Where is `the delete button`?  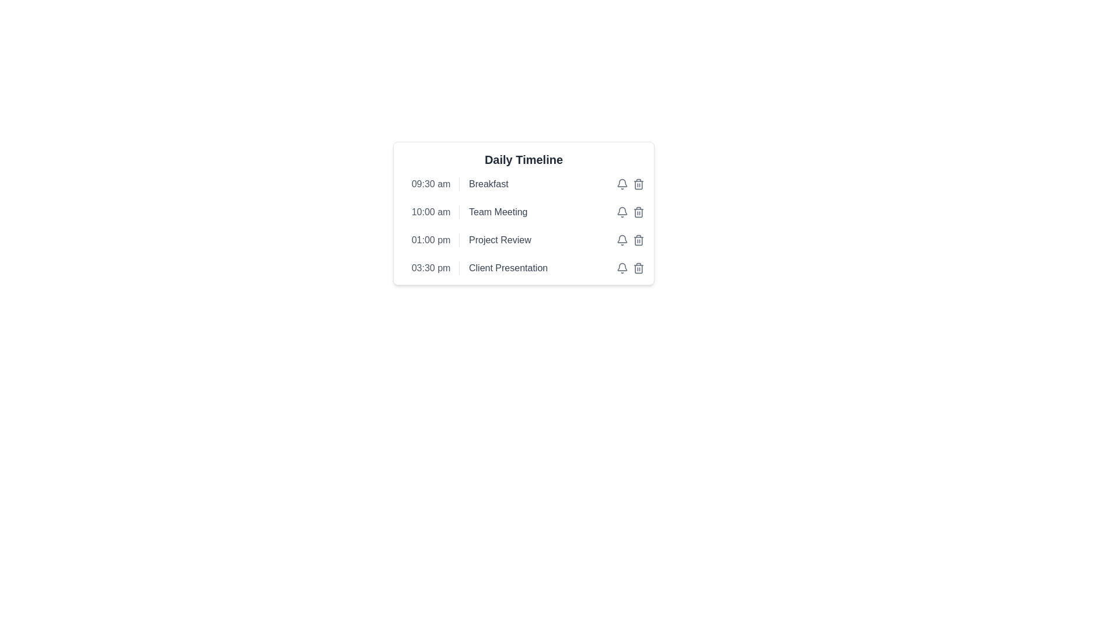 the delete button is located at coordinates (638, 212).